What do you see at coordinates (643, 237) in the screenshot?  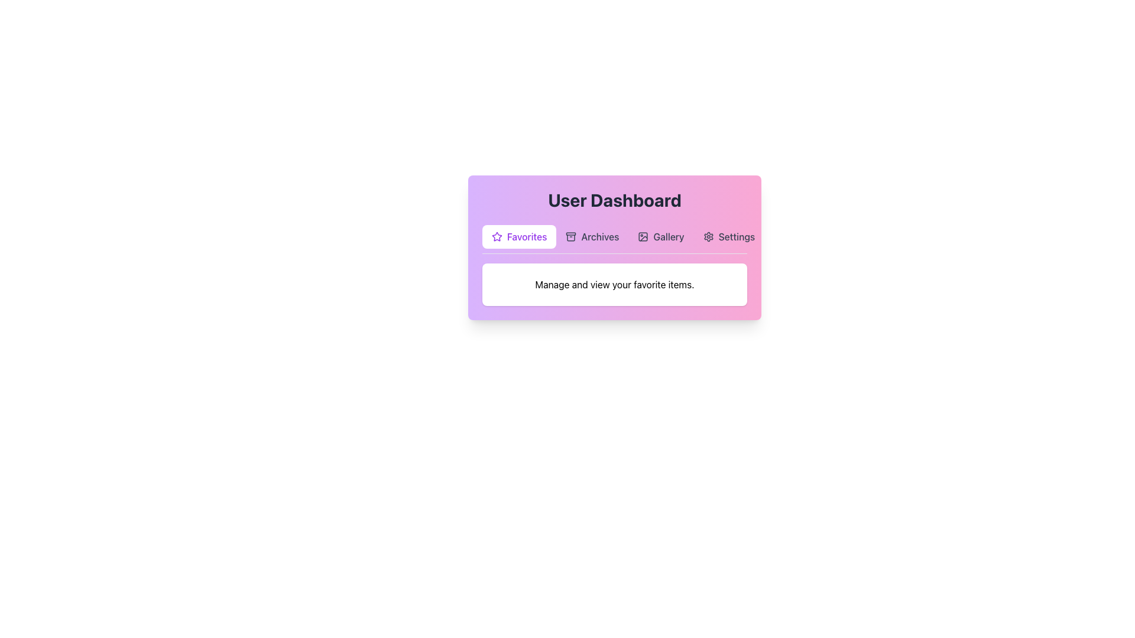 I see `the SVG icon depicting a picture frame located in the navigational menu bar of the User Dashboard` at bounding box center [643, 237].